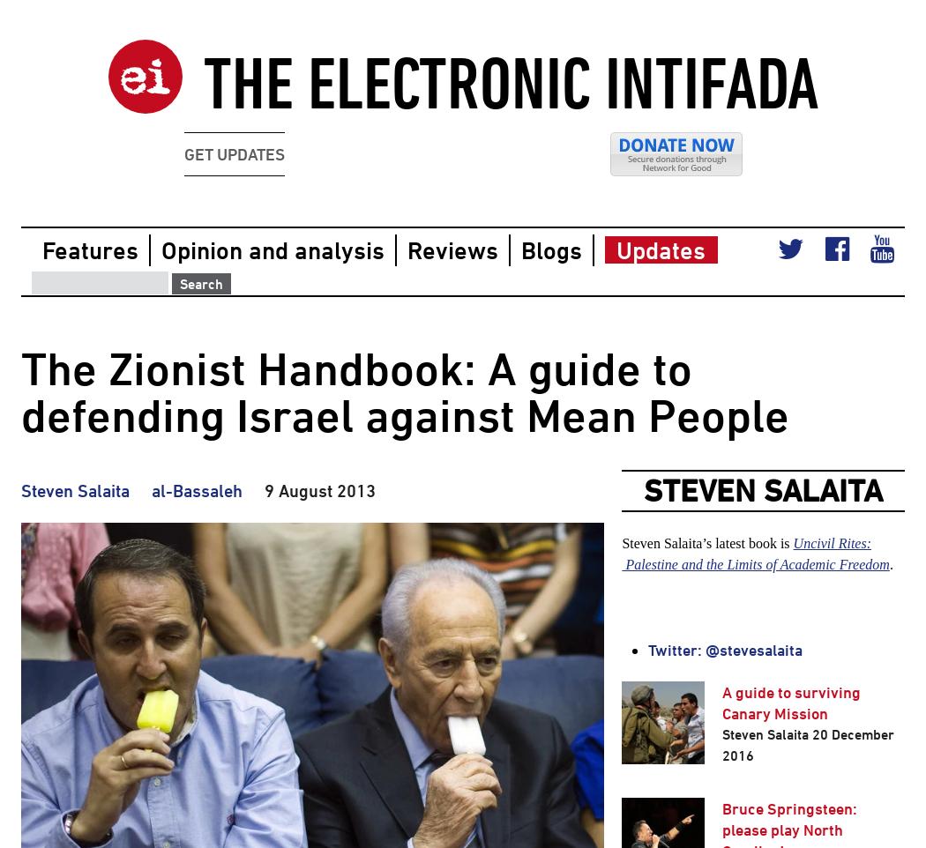 Image resolution: width=926 pixels, height=848 pixels. What do you see at coordinates (273, 249) in the screenshot?
I see `'Opinion and analysis'` at bounding box center [273, 249].